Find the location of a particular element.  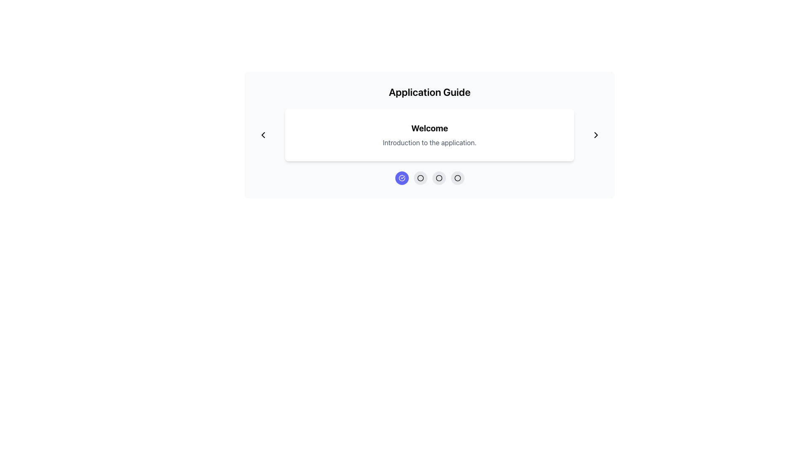

the second circular button located at the bottom center of the interface, just below the 'Welcome' content panel is located at coordinates (420, 177).